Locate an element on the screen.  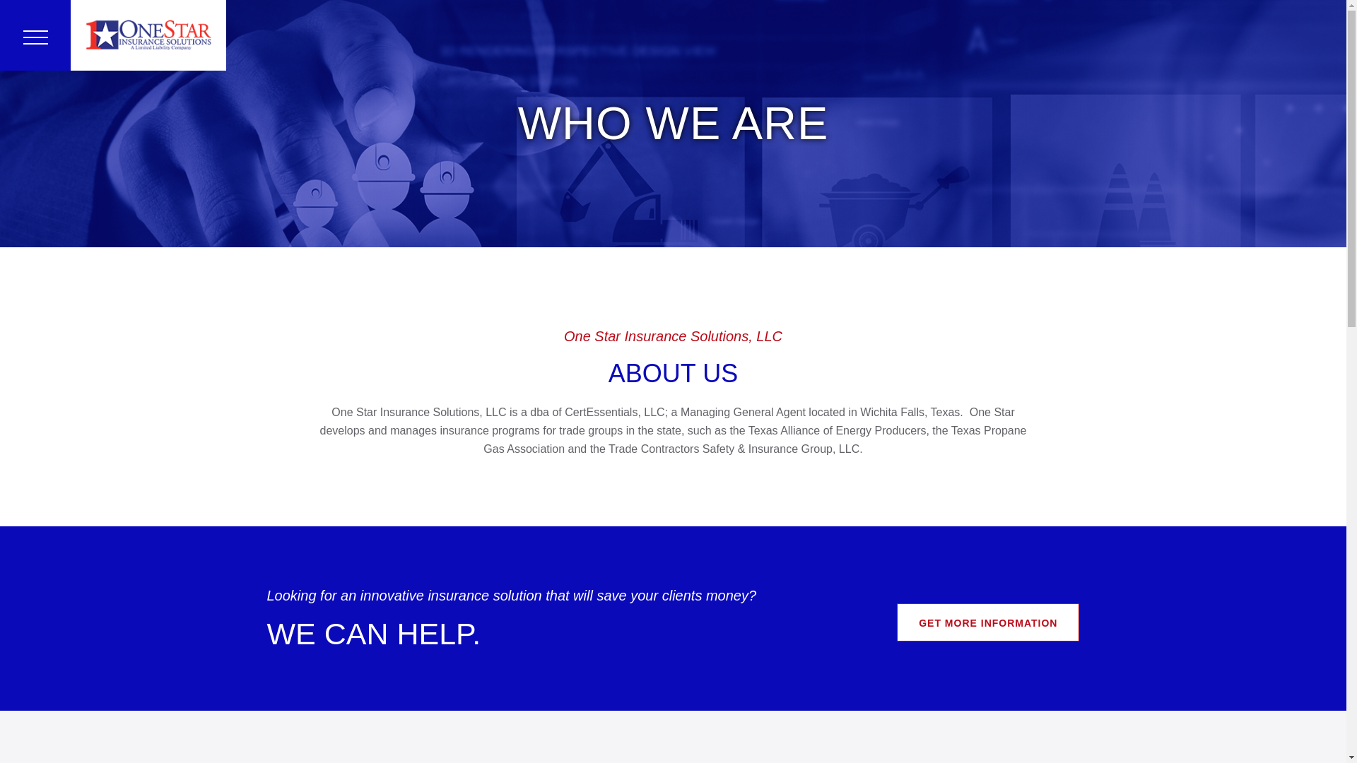
'GET MORE INFORMATION' is located at coordinates (895, 621).